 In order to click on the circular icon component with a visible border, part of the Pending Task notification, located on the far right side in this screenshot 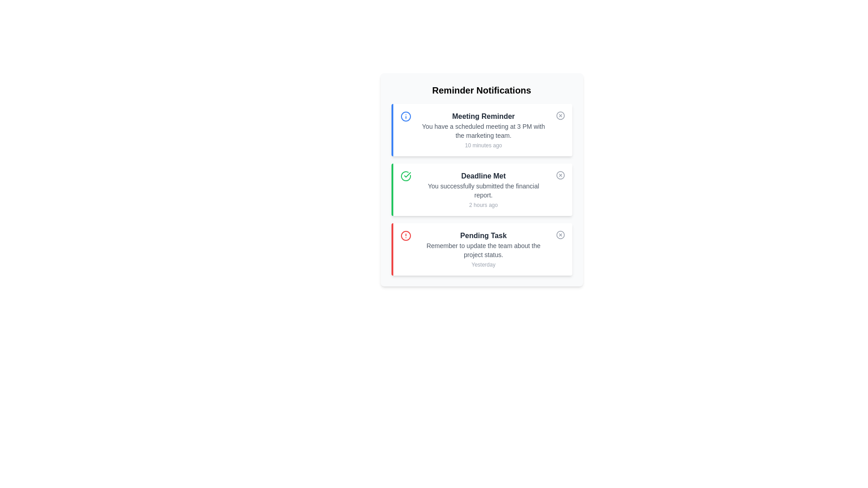, I will do `click(560, 235)`.